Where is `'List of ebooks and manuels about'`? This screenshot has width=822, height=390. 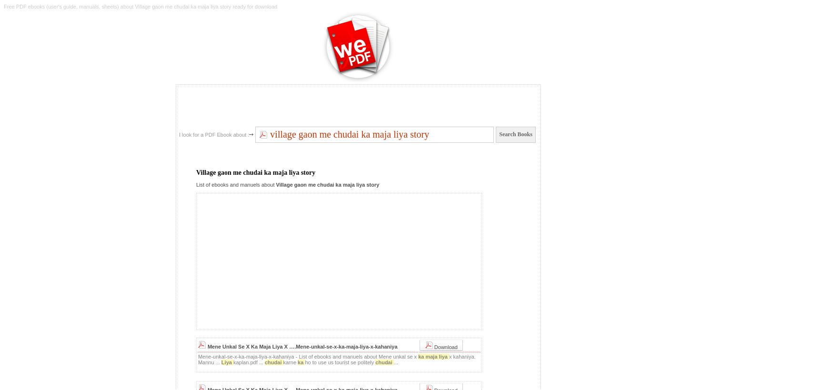 'List of ebooks and manuels about' is located at coordinates (235, 184).